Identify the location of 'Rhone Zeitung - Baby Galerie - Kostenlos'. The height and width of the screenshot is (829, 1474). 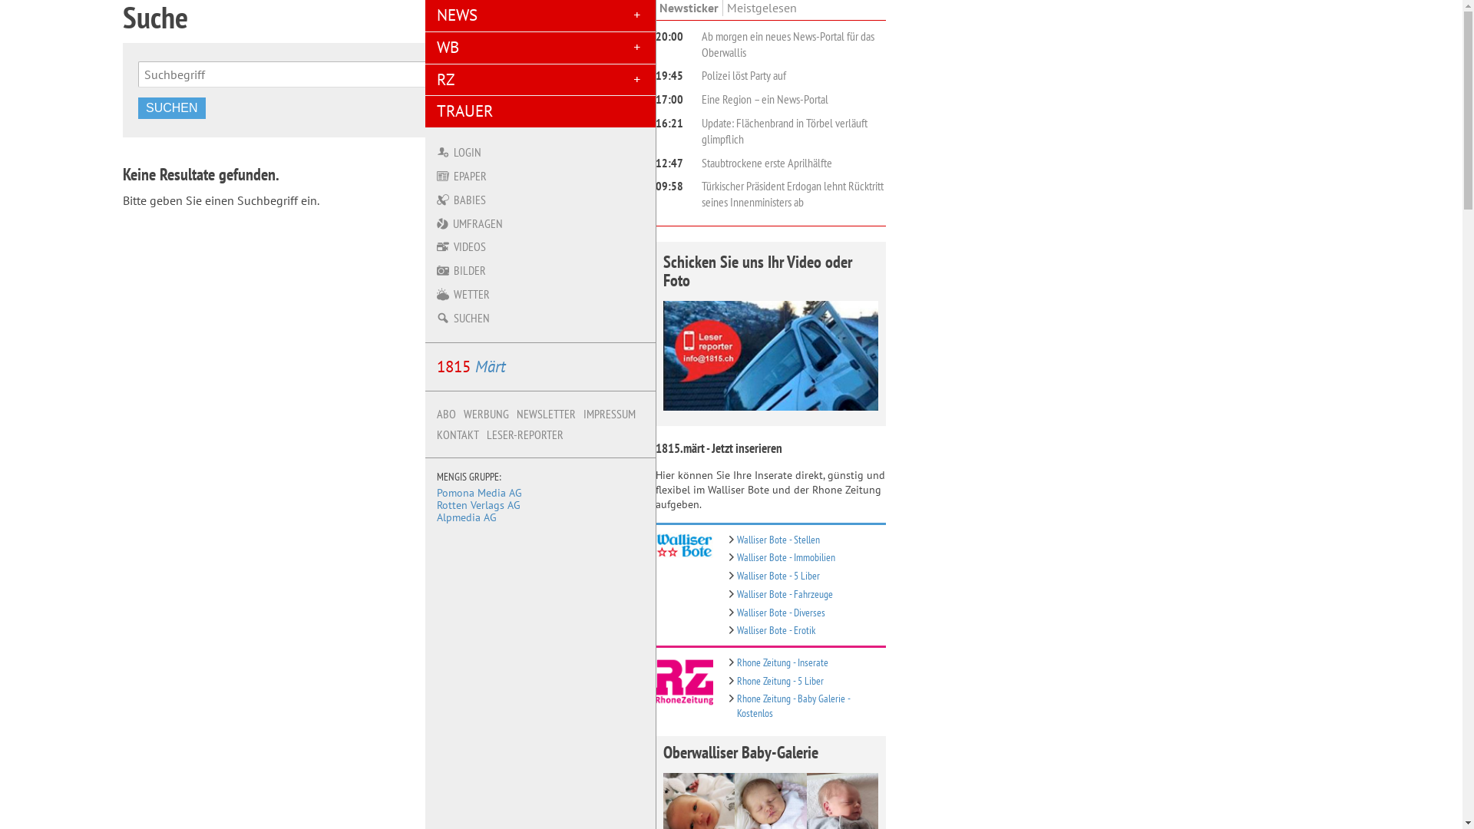
(737, 705).